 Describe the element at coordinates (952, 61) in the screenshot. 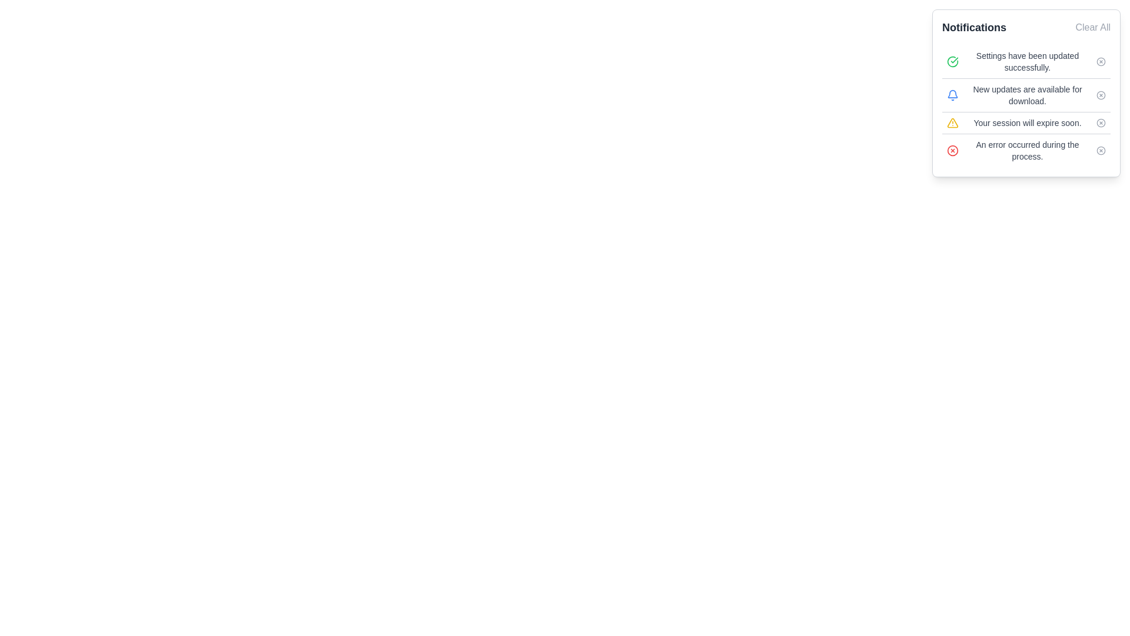

I see `the circular green icon with a white border and a tick mark inside, located at the top-left corner of the Notifications panel` at that location.